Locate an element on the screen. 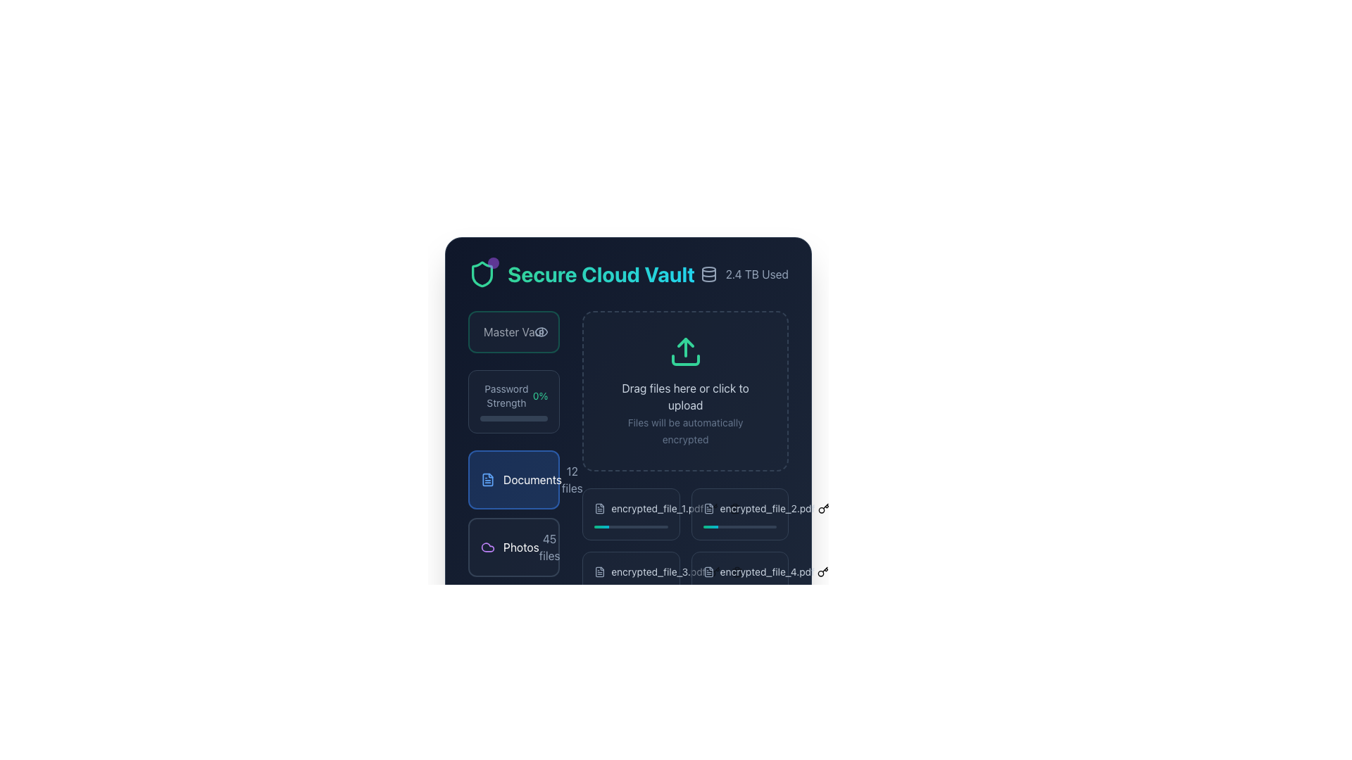 Image resolution: width=1352 pixels, height=760 pixels. the progress bar segment representing part of the progress for 'encrypted_file_2.pdf', which is styled with a gradient color transition from emerald green to cyan, located near the bottom of the interface is located at coordinates (732, 526).